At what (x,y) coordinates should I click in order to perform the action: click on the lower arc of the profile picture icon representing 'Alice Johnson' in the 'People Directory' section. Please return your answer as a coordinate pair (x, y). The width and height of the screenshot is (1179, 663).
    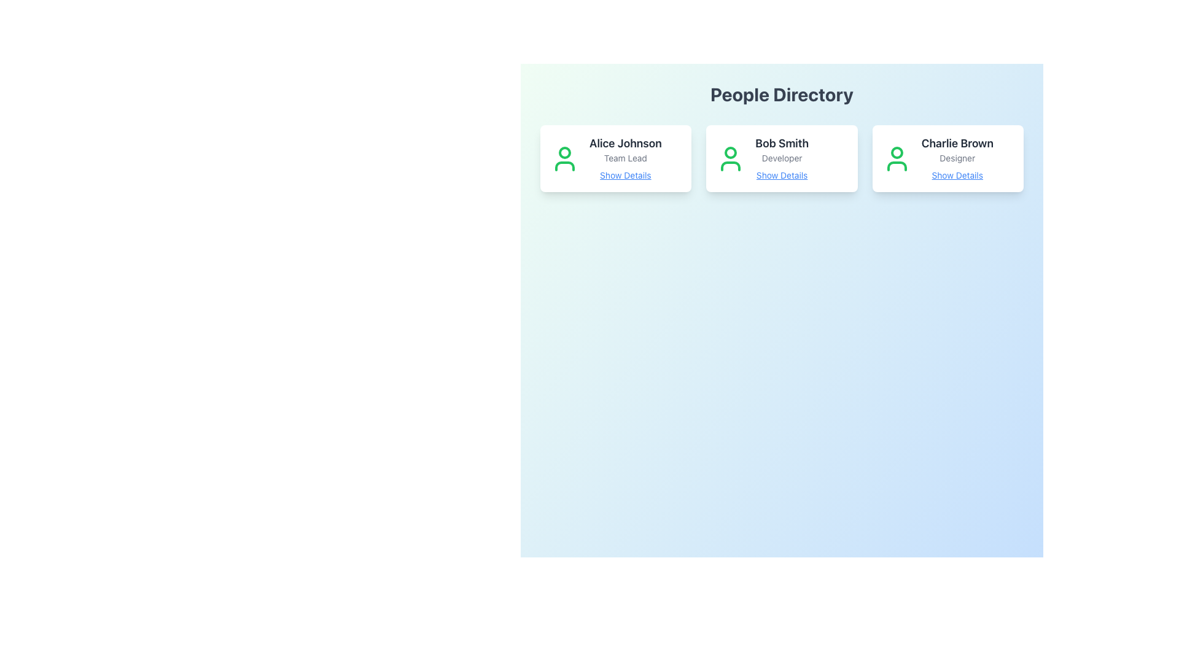
    Looking at the image, I should click on (564, 166).